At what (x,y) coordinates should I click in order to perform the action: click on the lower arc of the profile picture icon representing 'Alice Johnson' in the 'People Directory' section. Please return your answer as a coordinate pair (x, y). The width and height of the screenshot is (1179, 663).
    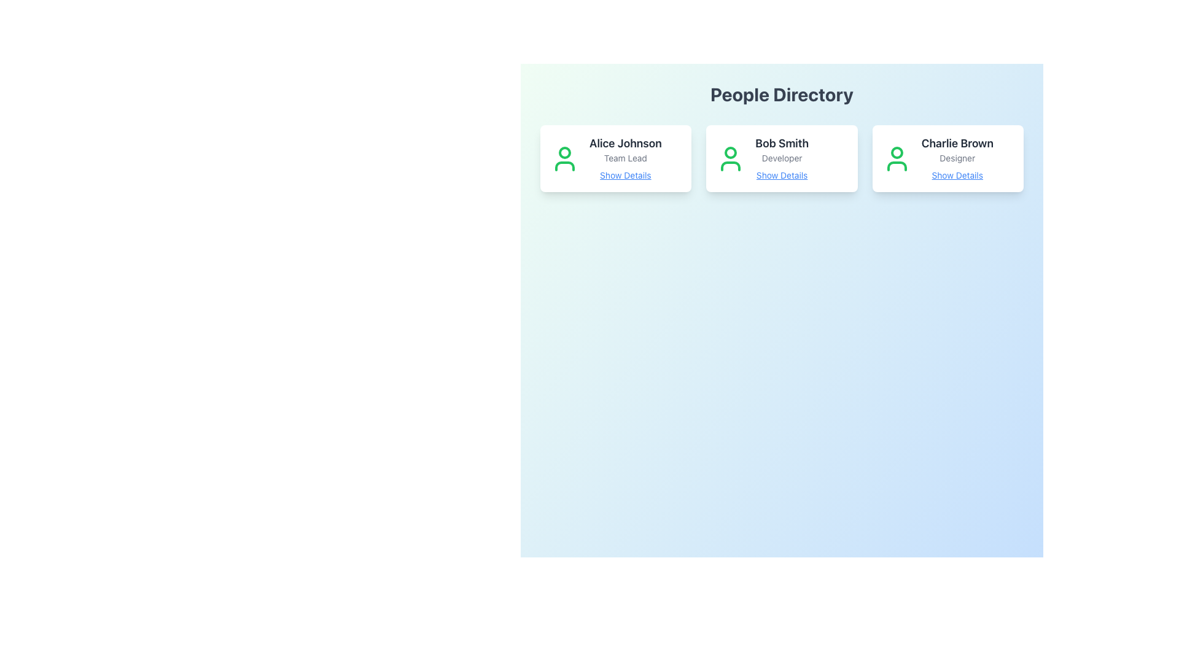
    Looking at the image, I should click on (564, 166).